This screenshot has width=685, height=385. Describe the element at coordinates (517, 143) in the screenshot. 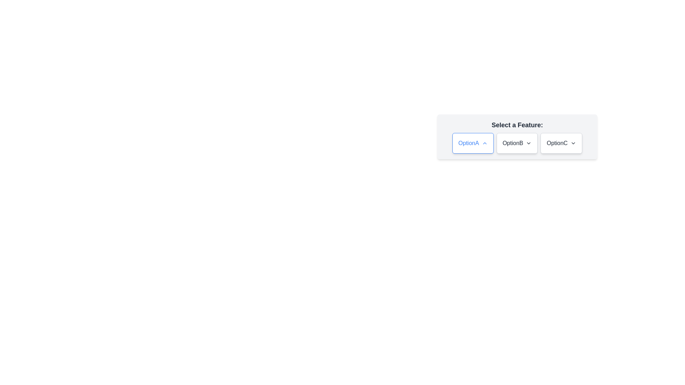

I see `the 'OptionB' button to observe any tooltip or visual feedback` at that location.